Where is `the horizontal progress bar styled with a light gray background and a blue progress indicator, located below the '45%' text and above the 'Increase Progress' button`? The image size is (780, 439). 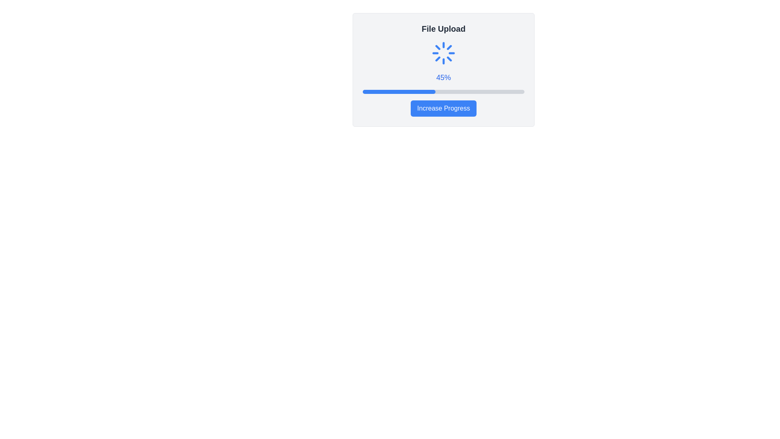 the horizontal progress bar styled with a light gray background and a blue progress indicator, located below the '45%' text and above the 'Increase Progress' button is located at coordinates (443, 91).